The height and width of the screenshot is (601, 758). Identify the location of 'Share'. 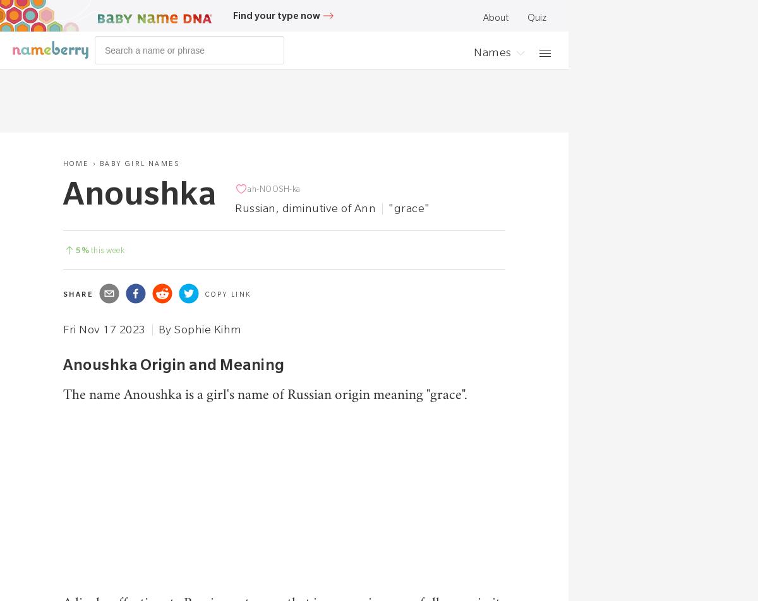
(78, 294).